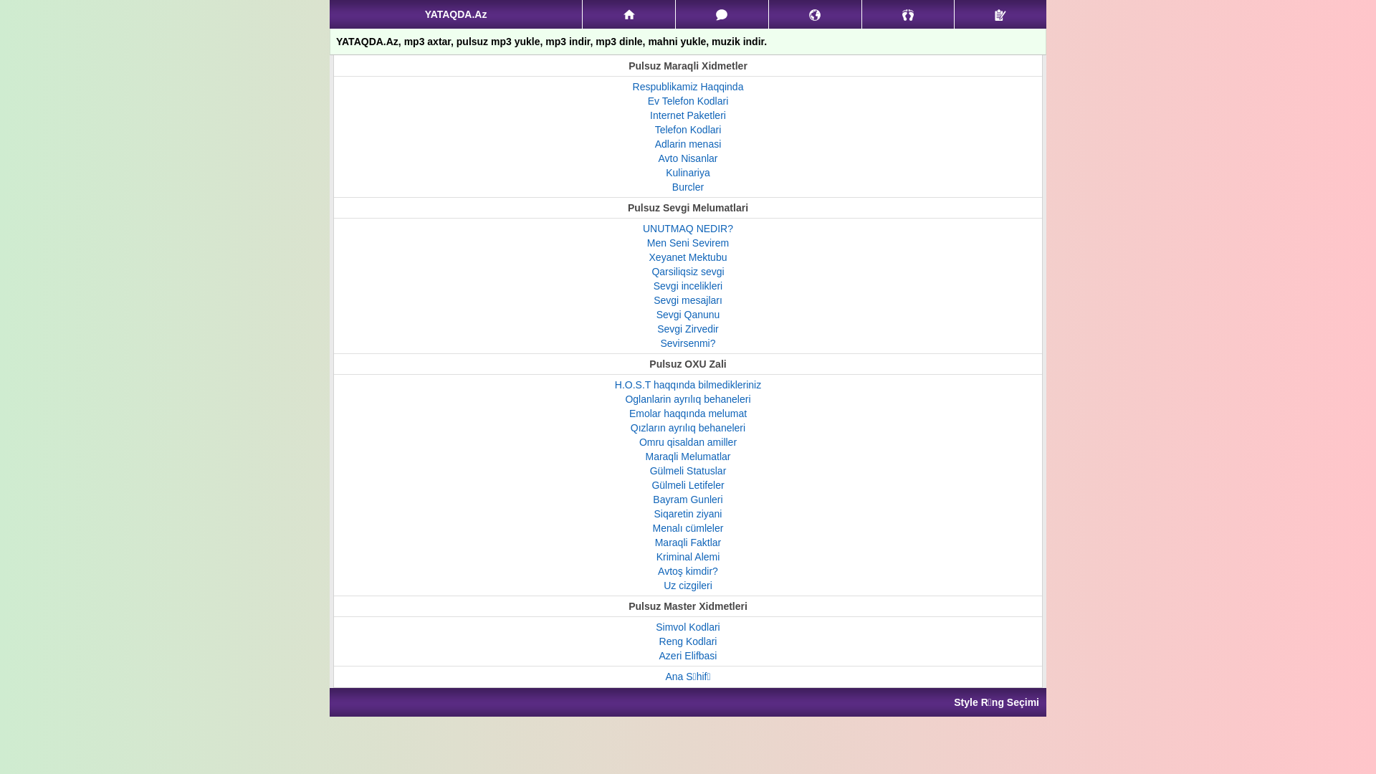 Image resolution: width=1376 pixels, height=774 pixels. Describe the element at coordinates (687, 499) in the screenshot. I see `'Bayram Gunleri'` at that location.